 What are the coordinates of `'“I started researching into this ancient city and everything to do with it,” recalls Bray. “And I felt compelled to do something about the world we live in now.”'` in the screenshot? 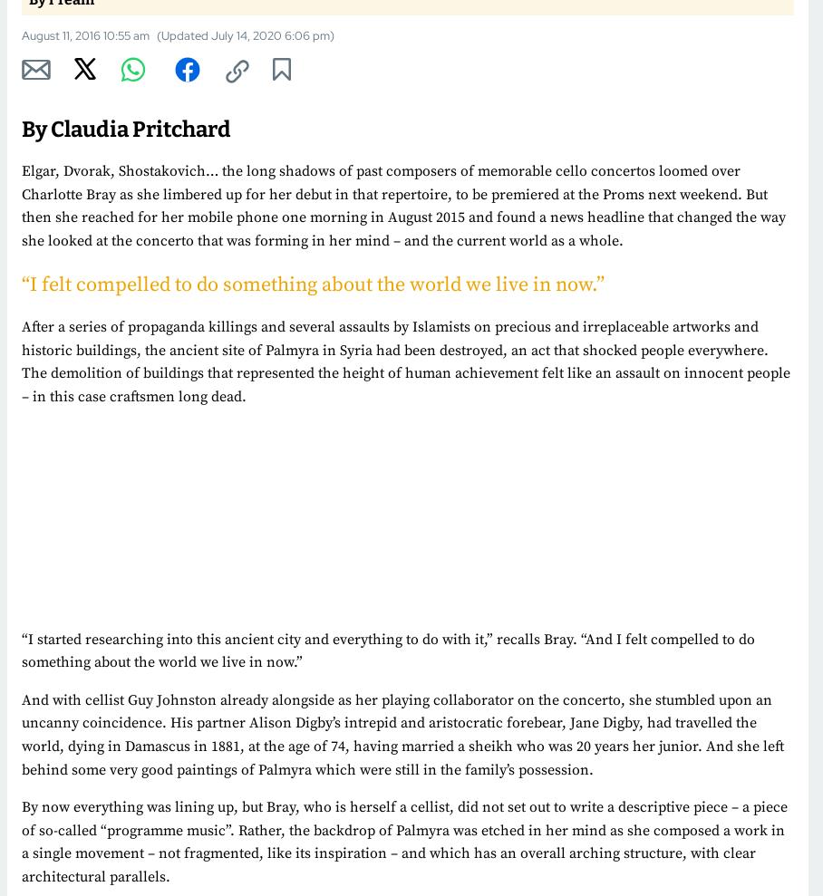 It's located at (388, 650).